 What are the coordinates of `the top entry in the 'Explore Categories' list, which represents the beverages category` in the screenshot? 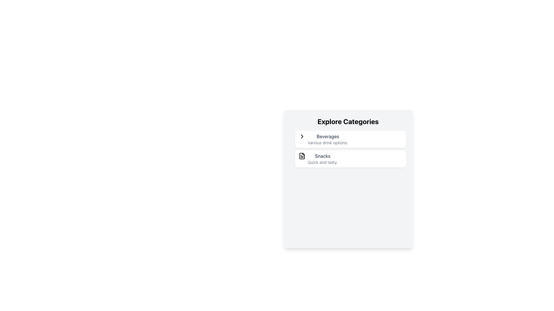 It's located at (350, 139).